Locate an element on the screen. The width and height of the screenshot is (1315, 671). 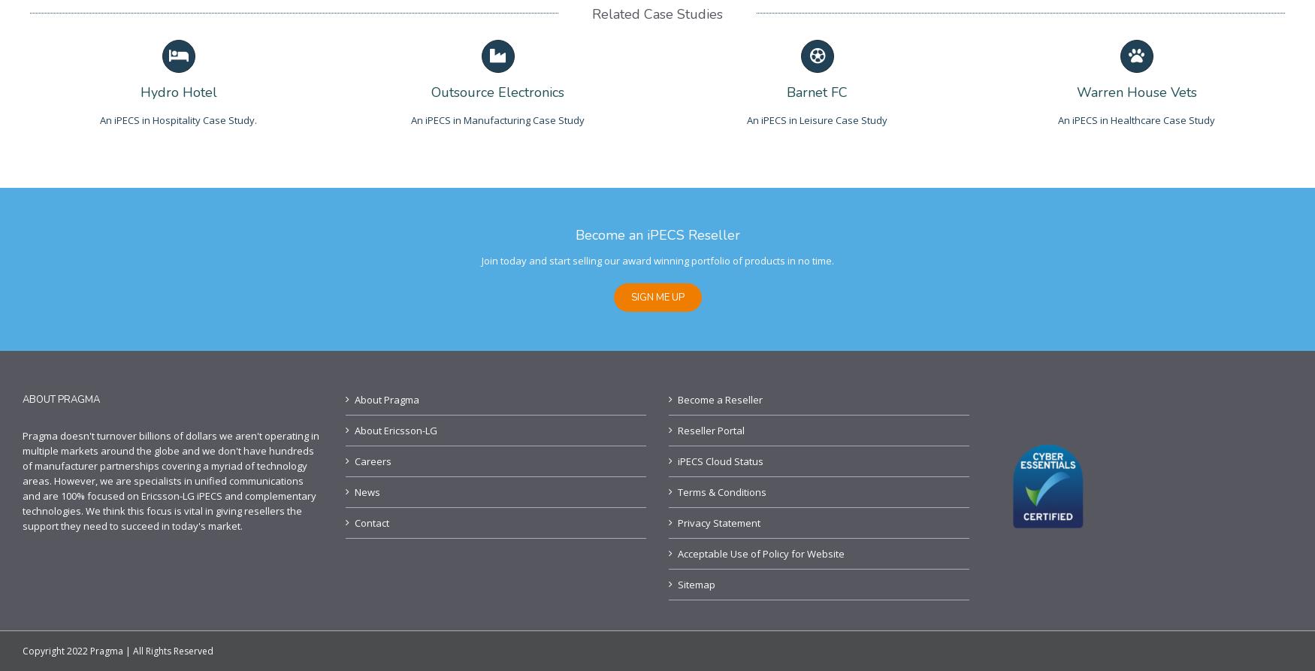
'An iPECS in Leisure Case Study' is located at coordinates (817, 119).